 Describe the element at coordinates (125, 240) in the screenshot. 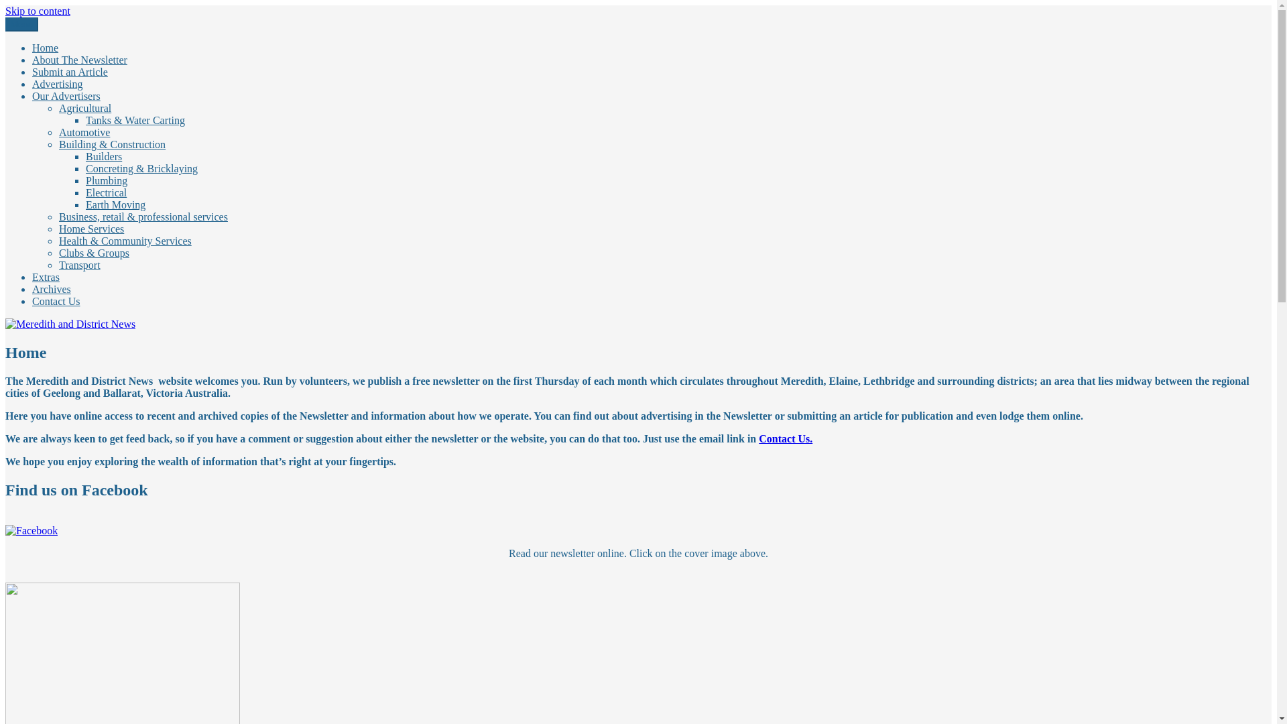

I see `'Health & Community Services'` at that location.